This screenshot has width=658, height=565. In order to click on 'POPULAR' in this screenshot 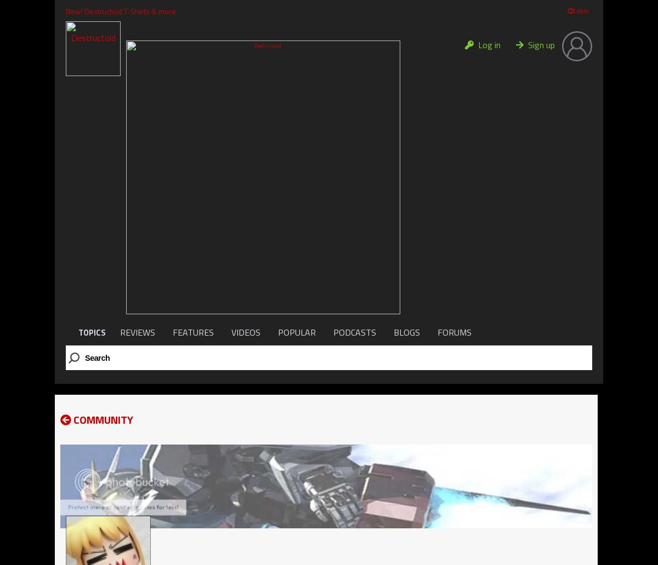, I will do `click(296, 332)`.